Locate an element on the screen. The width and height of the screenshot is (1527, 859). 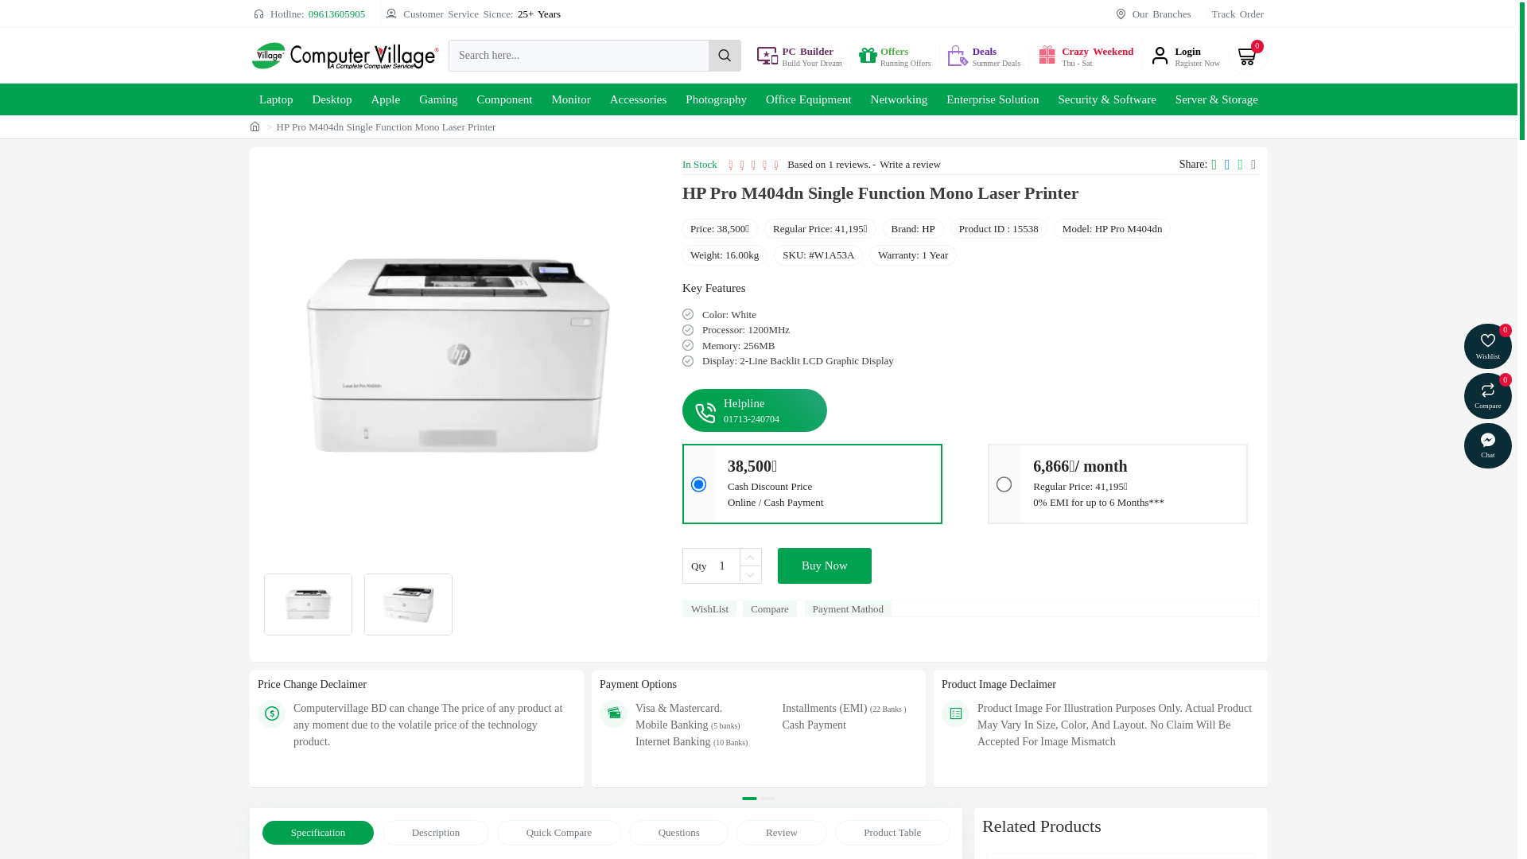
'WishList' is located at coordinates (683, 608).